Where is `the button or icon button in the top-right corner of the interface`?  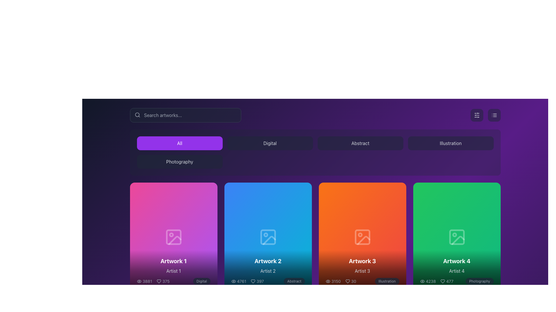 the button or icon button in the top-right corner of the interface is located at coordinates (477, 115).